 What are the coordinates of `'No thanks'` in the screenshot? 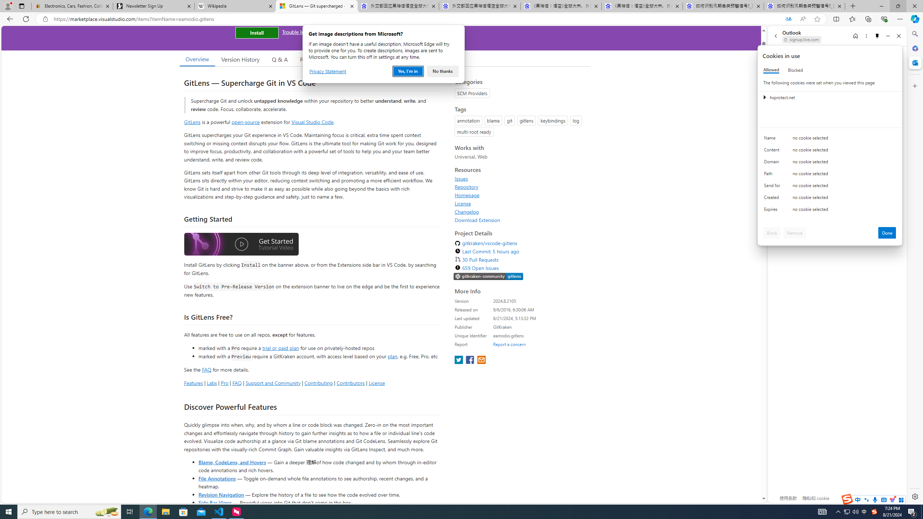 It's located at (442, 71).